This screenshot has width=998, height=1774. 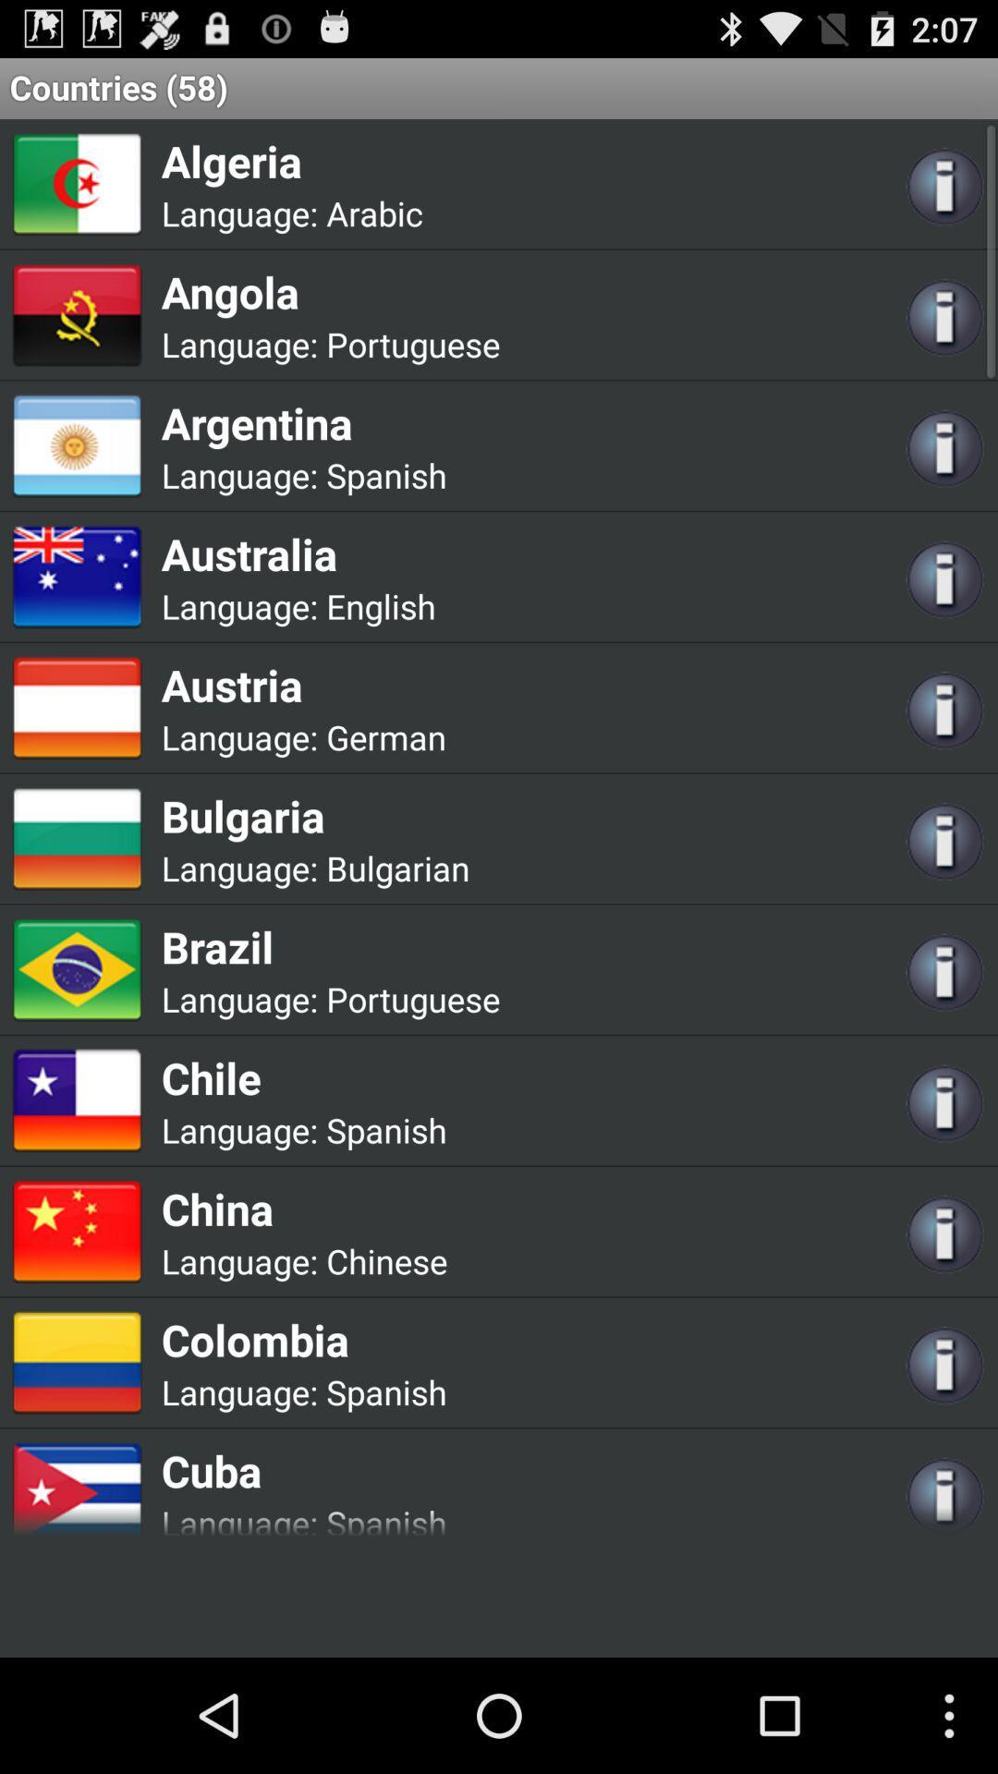 I want to click on the bulgarian app, so click(x=396, y=867).